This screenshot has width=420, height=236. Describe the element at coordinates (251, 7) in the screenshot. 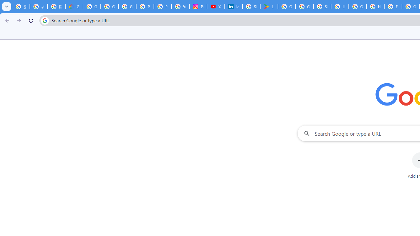

I see `'Sign in - Google Accounts'` at that location.